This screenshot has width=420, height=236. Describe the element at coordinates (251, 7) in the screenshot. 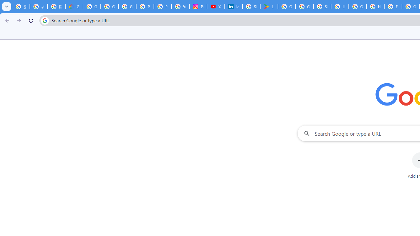

I see `'Sign in - Google Accounts'` at that location.